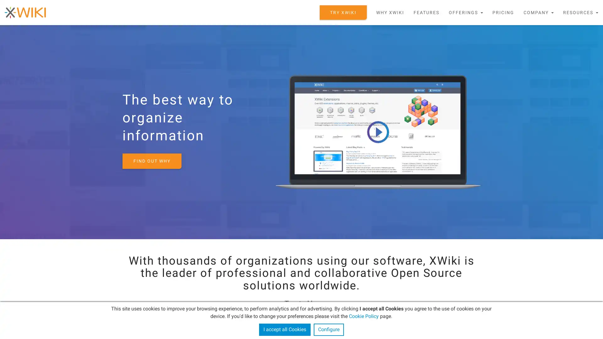 The height and width of the screenshot is (339, 603). Describe the element at coordinates (284, 329) in the screenshot. I see `I accept all Cookies` at that location.